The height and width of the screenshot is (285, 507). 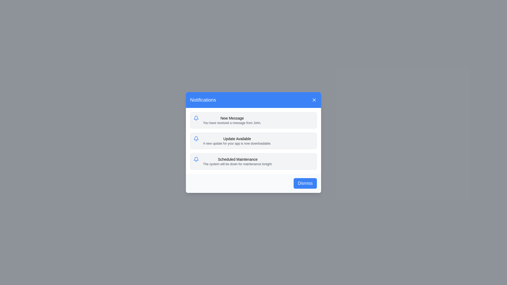 What do you see at coordinates (314, 100) in the screenshot?
I see `the close icon button ('X') in the Notifications dialog box, which is visually represented in an outlined style against a blue background` at bounding box center [314, 100].